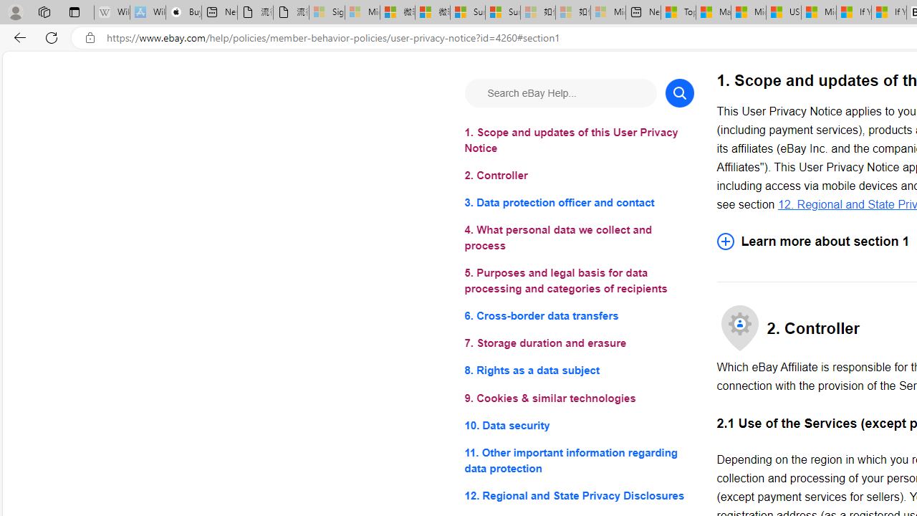  What do you see at coordinates (579, 370) in the screenshot?
I see `'8. Rights as a data subject'` at bounding box center [579, 370].